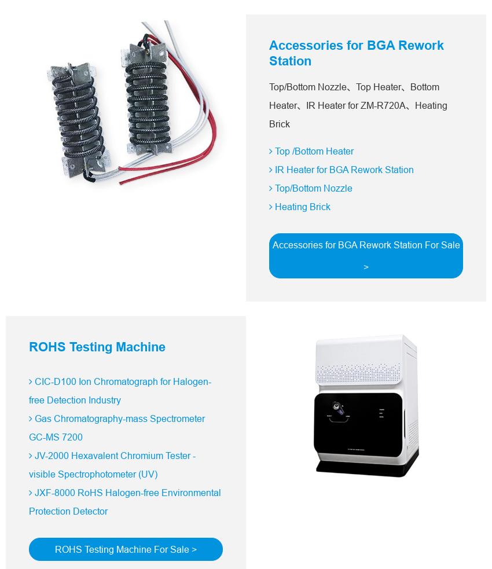 This screenshot has height=569, width=492. I want to click on 'Accessories for BGA Rework Station For Sale >', so click(365, 255).